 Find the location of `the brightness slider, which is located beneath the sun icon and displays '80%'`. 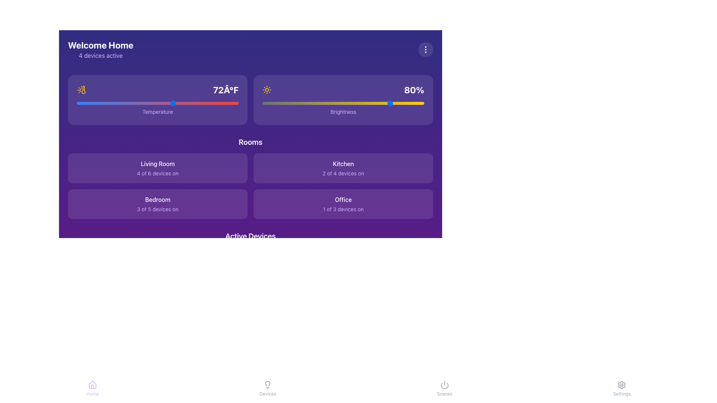

the brightness slider, which is located beneath the sun icon and displays '80%' is located at coordinates (343, 103).